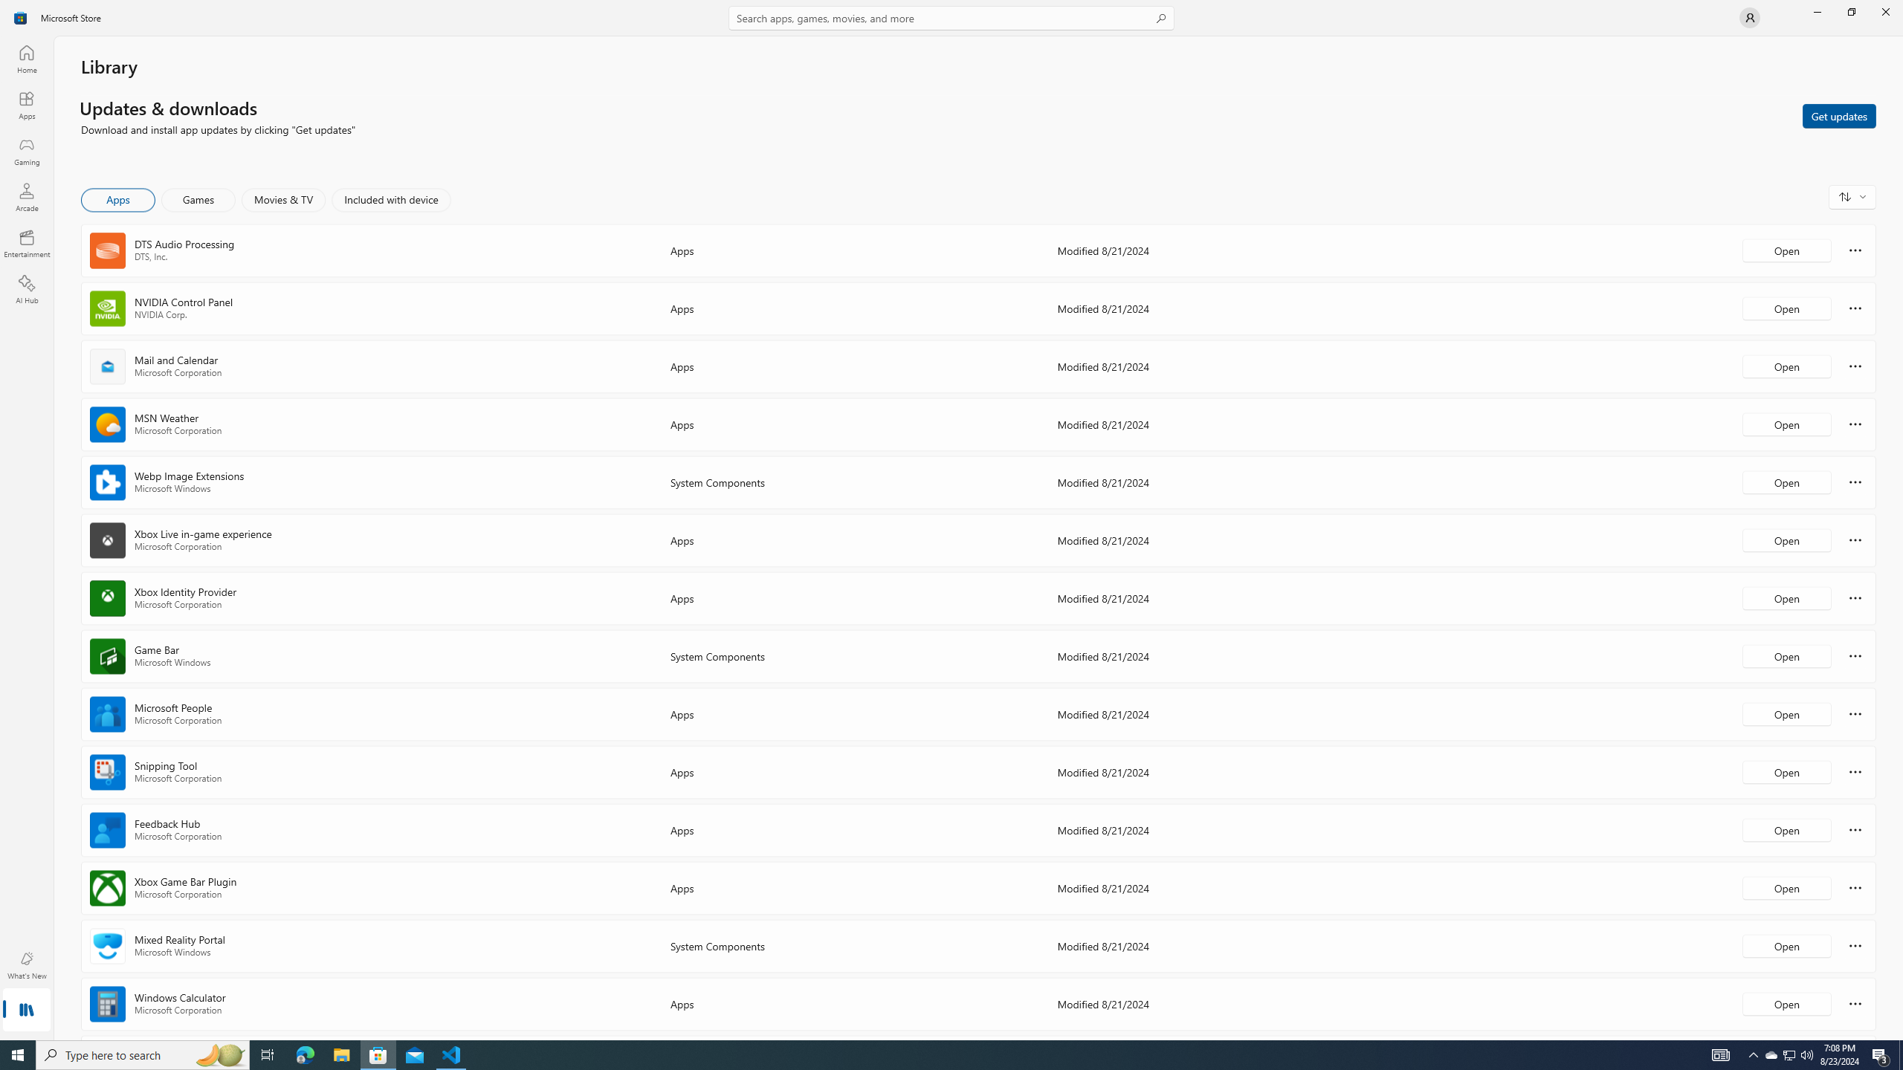  Describe the element at coordinates (1852, 196) in the screenshot. I see `'Sort and filter'` at that location.